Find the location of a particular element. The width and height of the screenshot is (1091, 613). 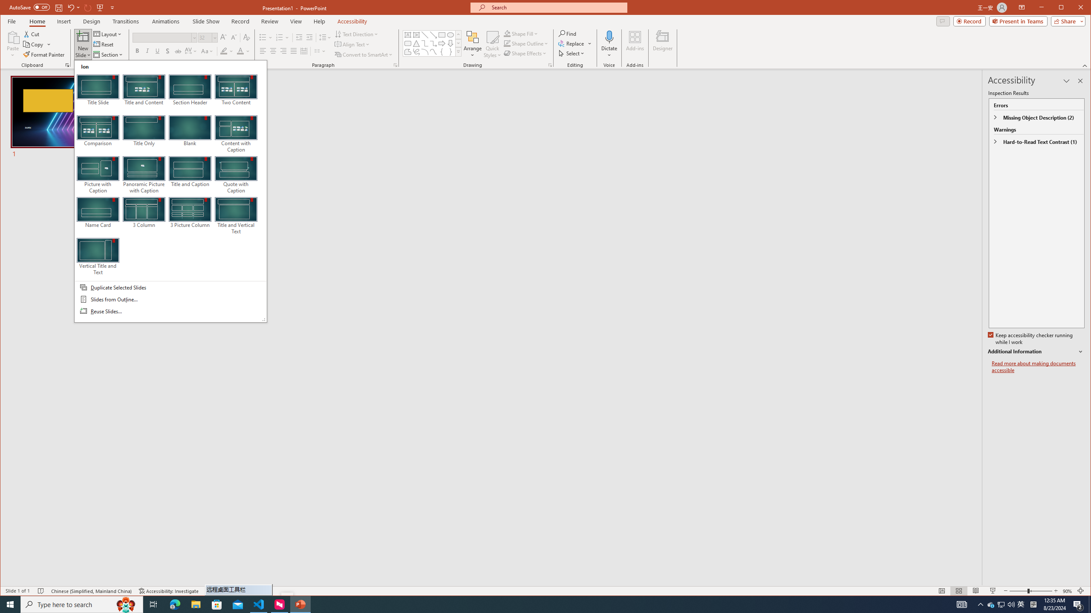

'Zoom 90%' is located at coordinates (1067, 590).